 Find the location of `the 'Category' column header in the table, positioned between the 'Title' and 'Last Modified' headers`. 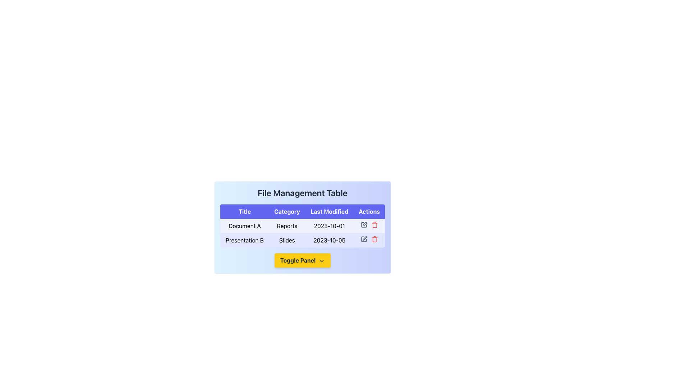

the 'Category' column header in the table, positioned between the 'Title' and 'Last Modified' headers is located at coordinates (287, 211).